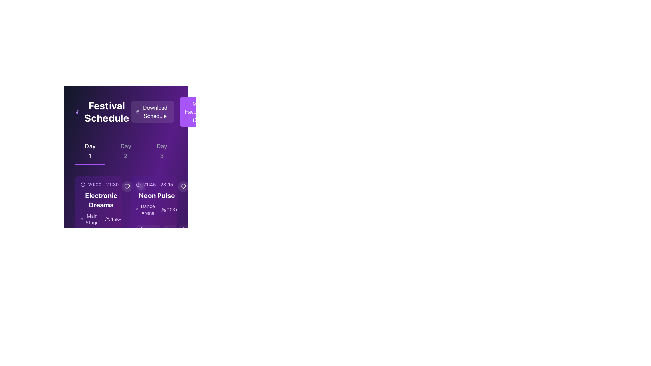  What do you see at coordinates (82, 184) in the screenshot?
I see `the time icon that visually represents scheduled timing, located to the left of the text '20:00 - 21:30' within the larger schedule interface` at bounding box center [82, 184].